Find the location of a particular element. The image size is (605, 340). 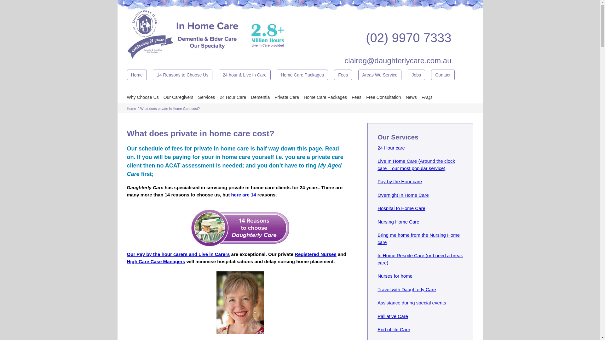

'Fees' is located at coordinates (343, 75).